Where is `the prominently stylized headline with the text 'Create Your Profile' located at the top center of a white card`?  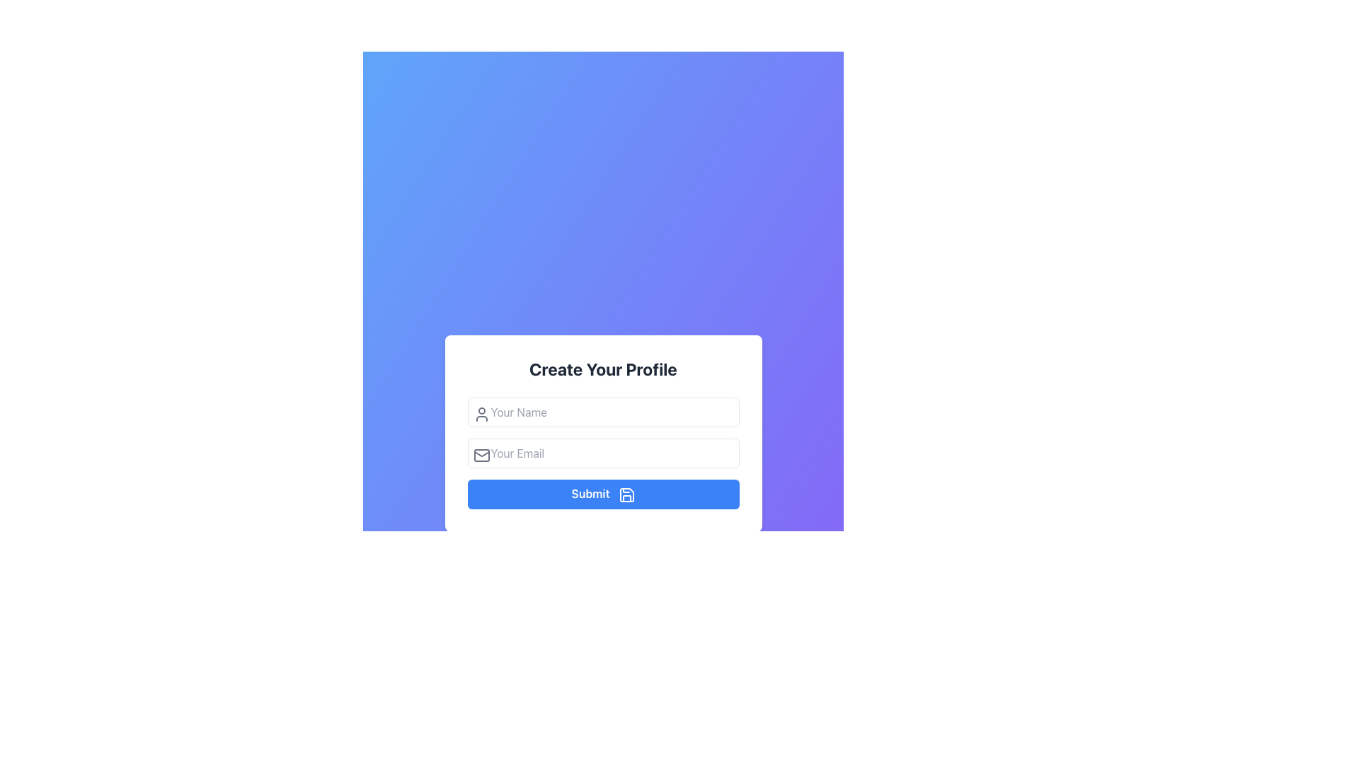 the prominently stylized headline with the text 'Create Your Profile' located at the top center of a white card is located at coordinates (603, 369).